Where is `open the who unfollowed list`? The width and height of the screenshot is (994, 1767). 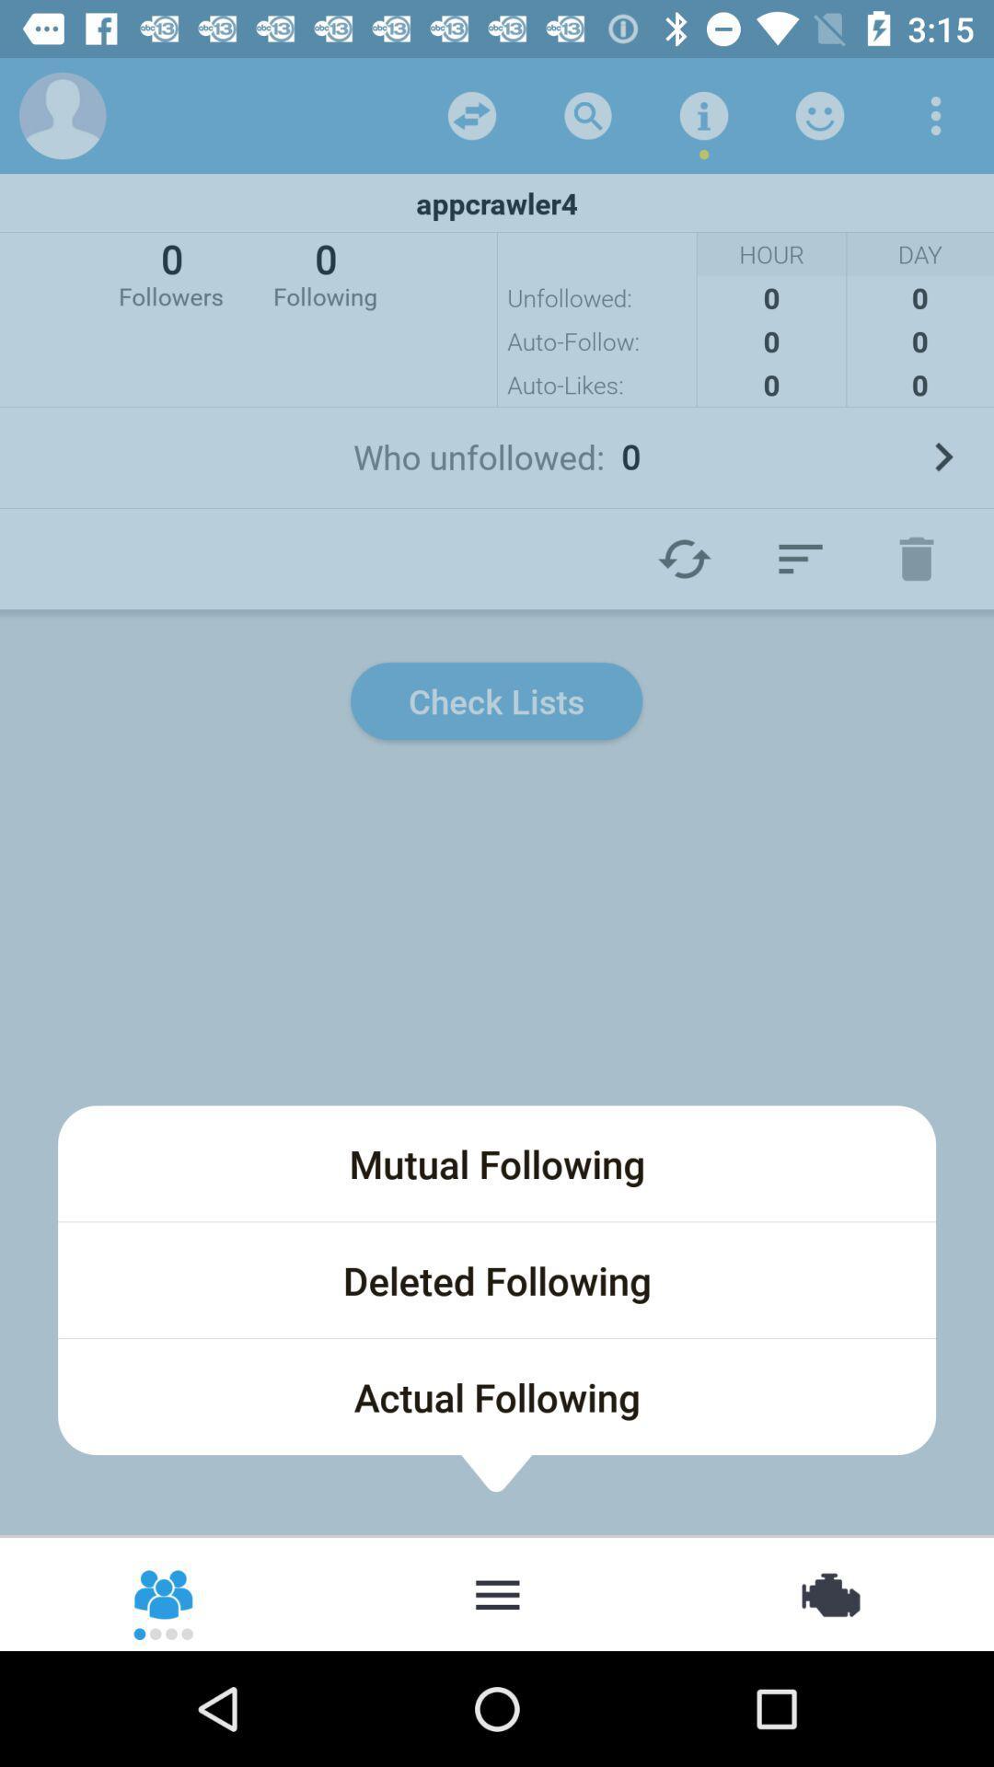 open the who unfollowed list is located at coordinates (942, 456).